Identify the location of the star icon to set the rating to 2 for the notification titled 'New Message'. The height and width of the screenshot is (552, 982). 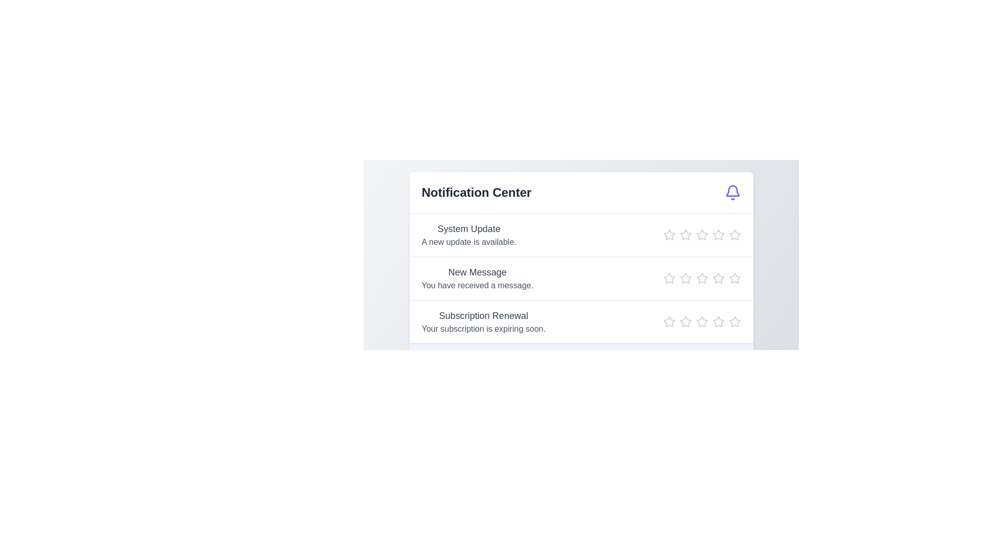
(685, 278).